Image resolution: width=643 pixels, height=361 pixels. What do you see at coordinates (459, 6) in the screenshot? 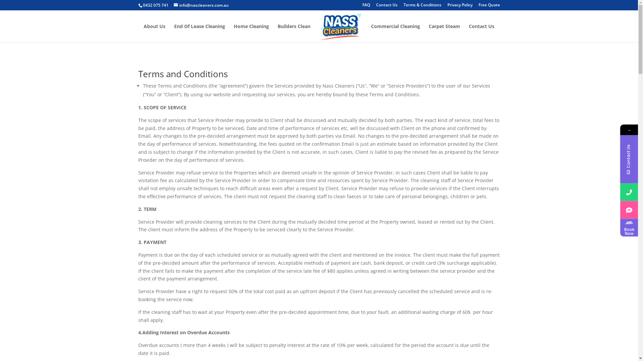
I see `'Privacy Policy'` at bounding box center [459, 6].